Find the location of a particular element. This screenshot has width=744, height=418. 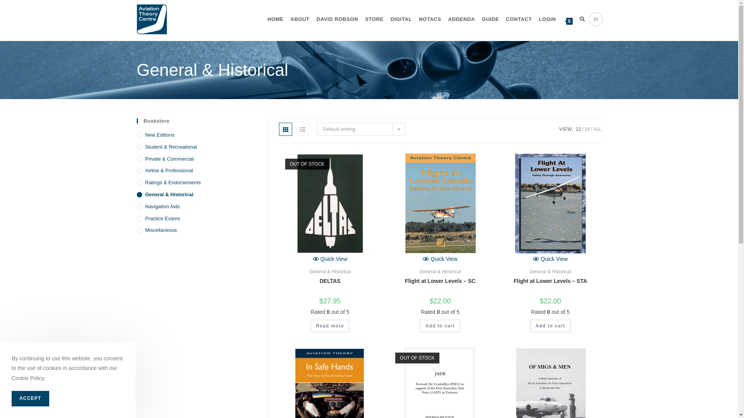

'Grid view' is located at coordinates (285, 129).